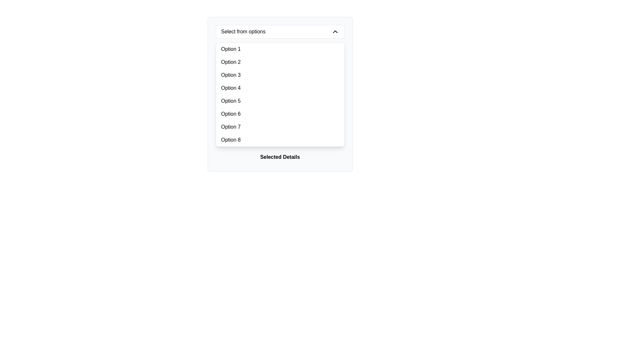 This screenshot has height=350, width=622. I want to click on the dropdown menu labeled 'Select from options', so click(280, 94).